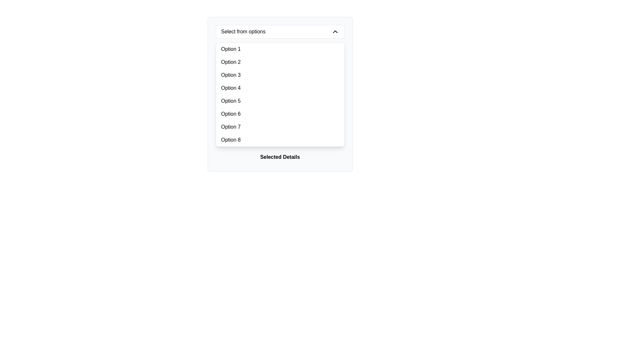 This screenshot has height=350, width=622. I want to click on the dropdown menu labeled 'Select from options', so click(280, 94).